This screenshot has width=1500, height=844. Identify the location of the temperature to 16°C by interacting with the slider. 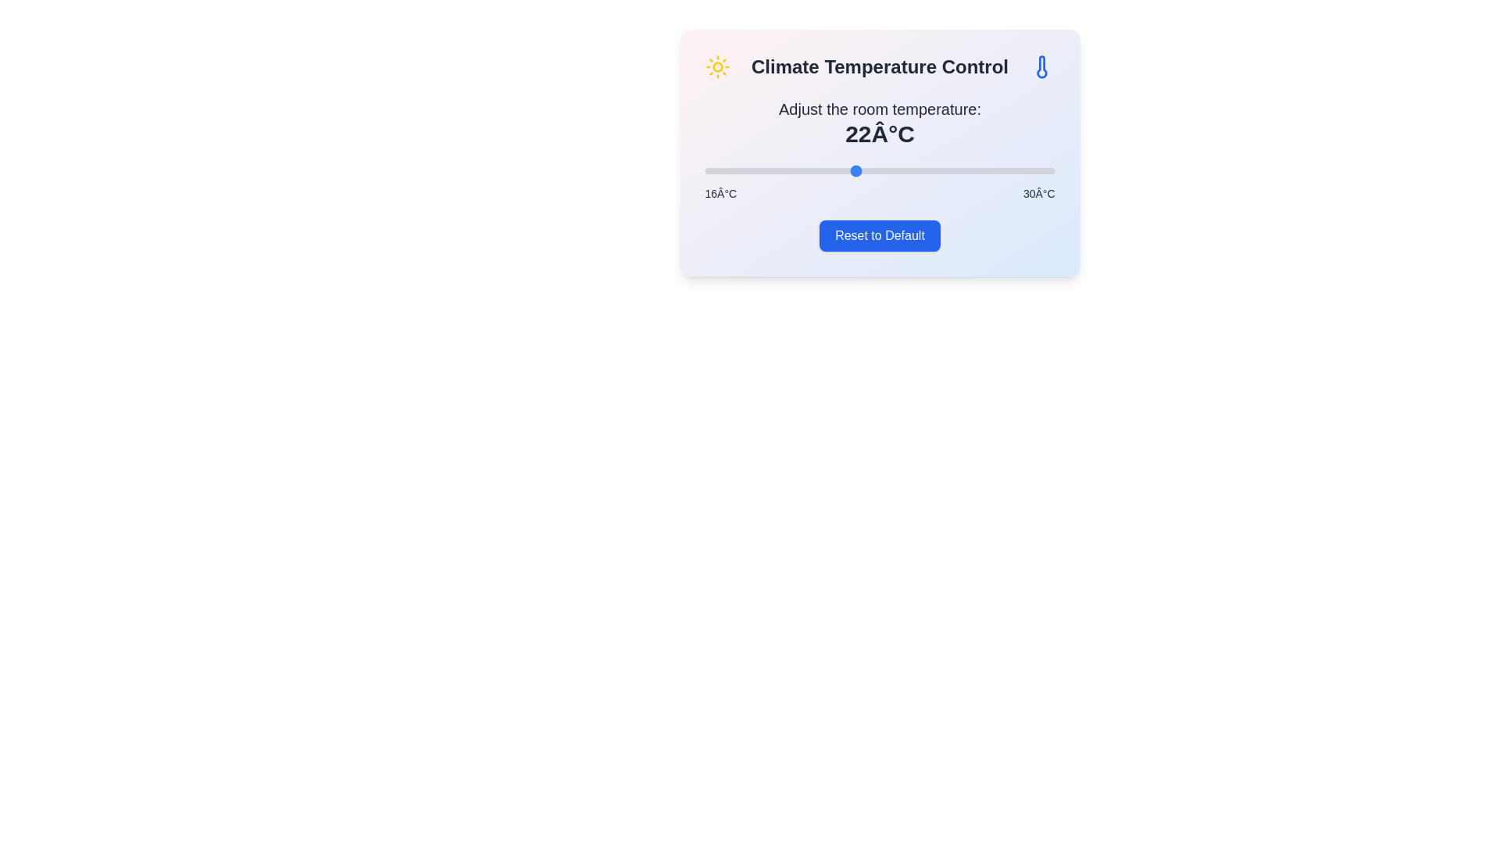
(704, 171).